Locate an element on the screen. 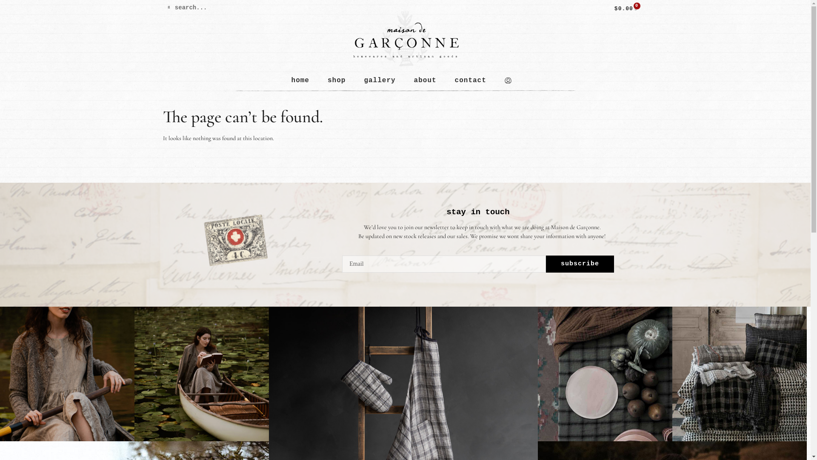 The width and height of the screenshot is (817, 460). '1' is located at coordinates (511, 80).